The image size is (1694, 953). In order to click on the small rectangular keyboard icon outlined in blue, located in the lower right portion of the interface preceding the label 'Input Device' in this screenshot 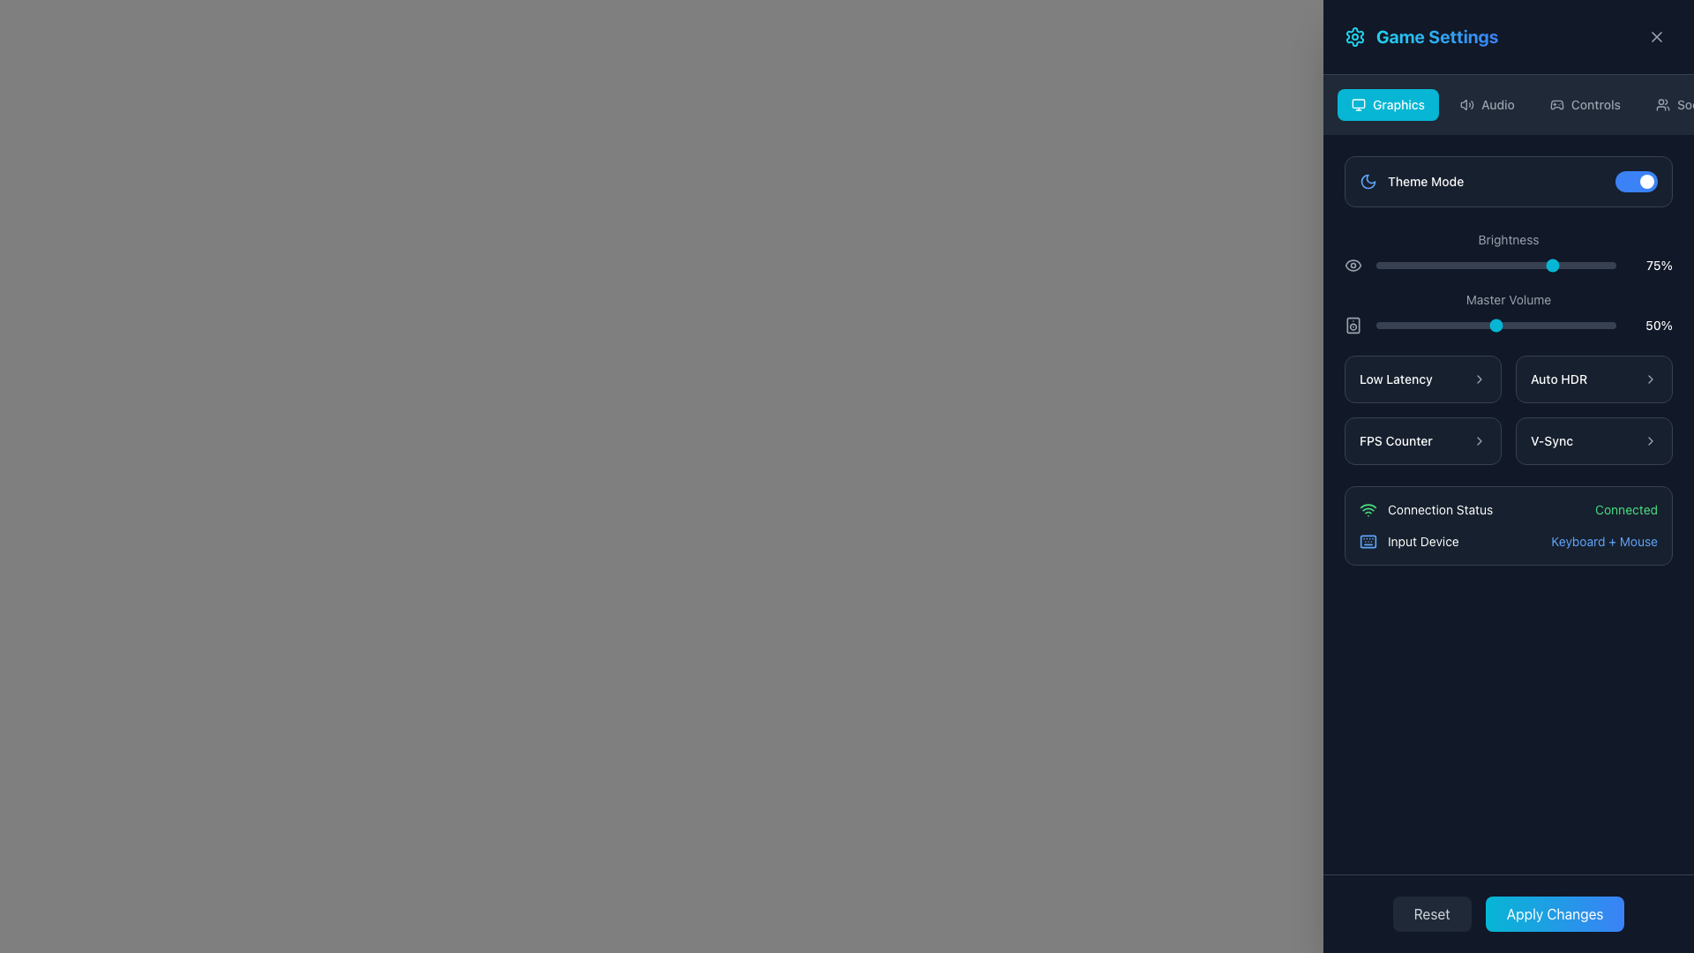, I will do `click(1367, 540)`.